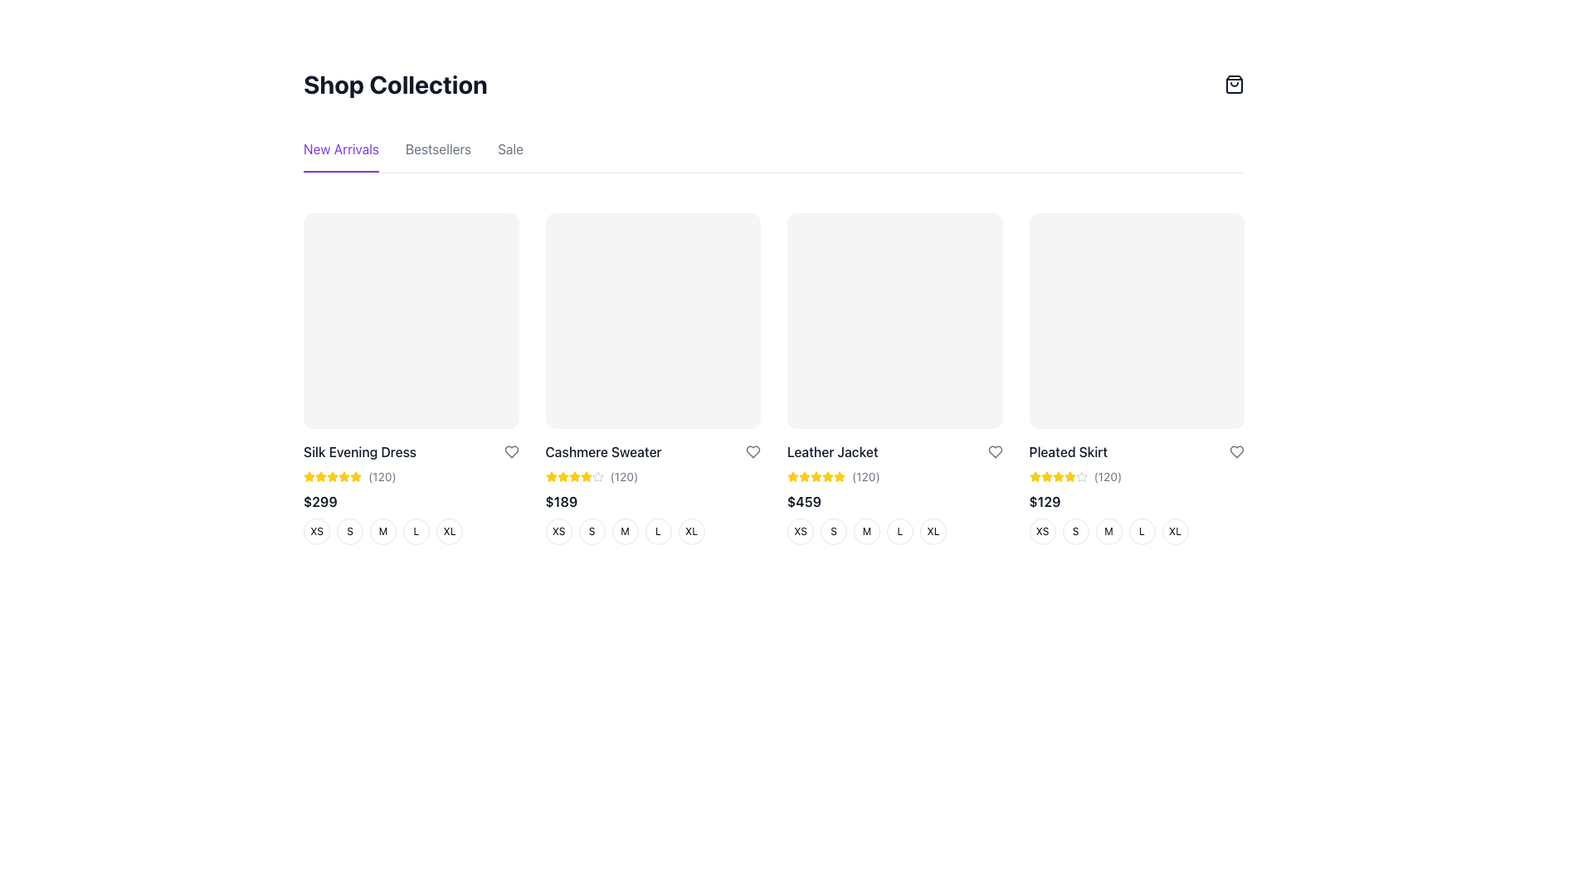  I want to click on the star-shaped icon filled with yellow color and outlined in white for the rating display located in the third product card from the left, so click(828, 476).